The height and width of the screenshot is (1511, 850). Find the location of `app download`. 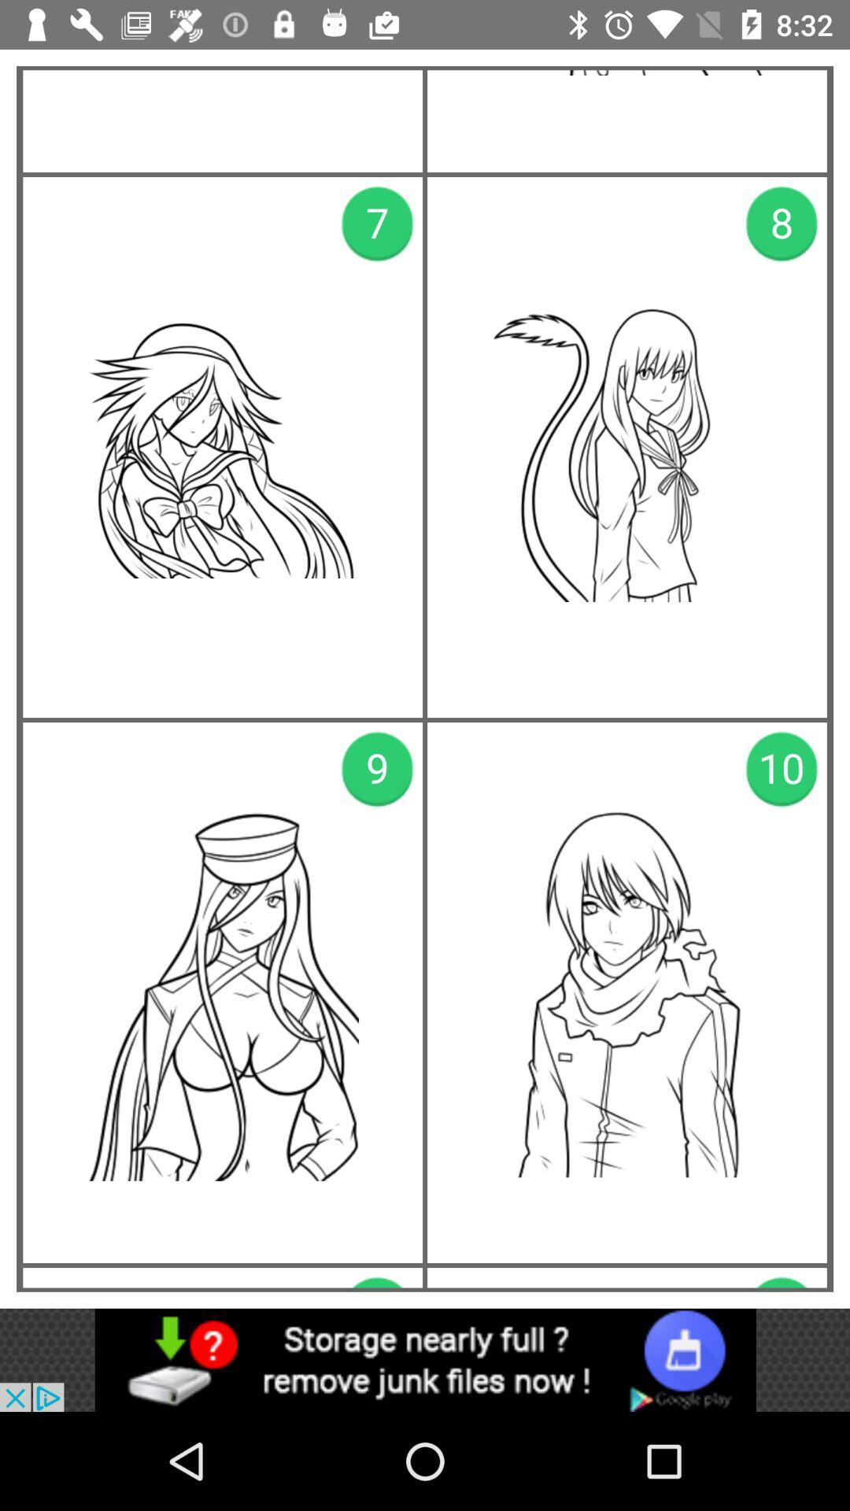

app download is located at coordinates (425, 1359).